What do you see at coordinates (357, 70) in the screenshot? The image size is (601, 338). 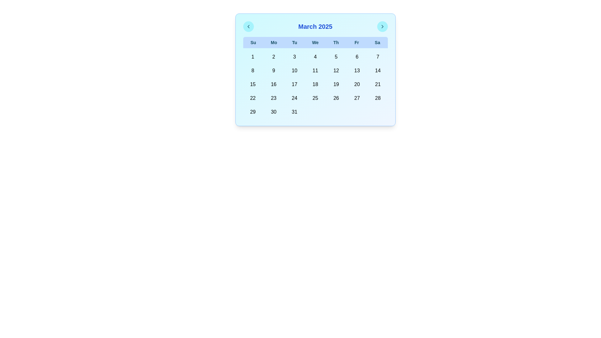 I see `the button displaying '13' in the calendar grid for March 2025, located under the 'Fr' column, to change its background color` at bounding box center [357, 70].